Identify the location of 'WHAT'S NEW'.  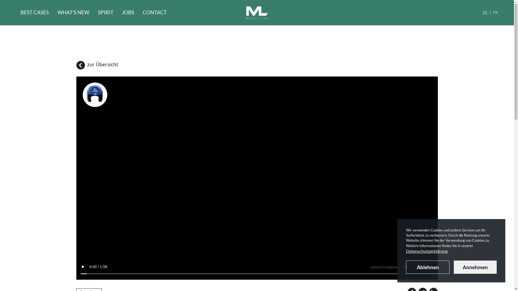
(73, 12).